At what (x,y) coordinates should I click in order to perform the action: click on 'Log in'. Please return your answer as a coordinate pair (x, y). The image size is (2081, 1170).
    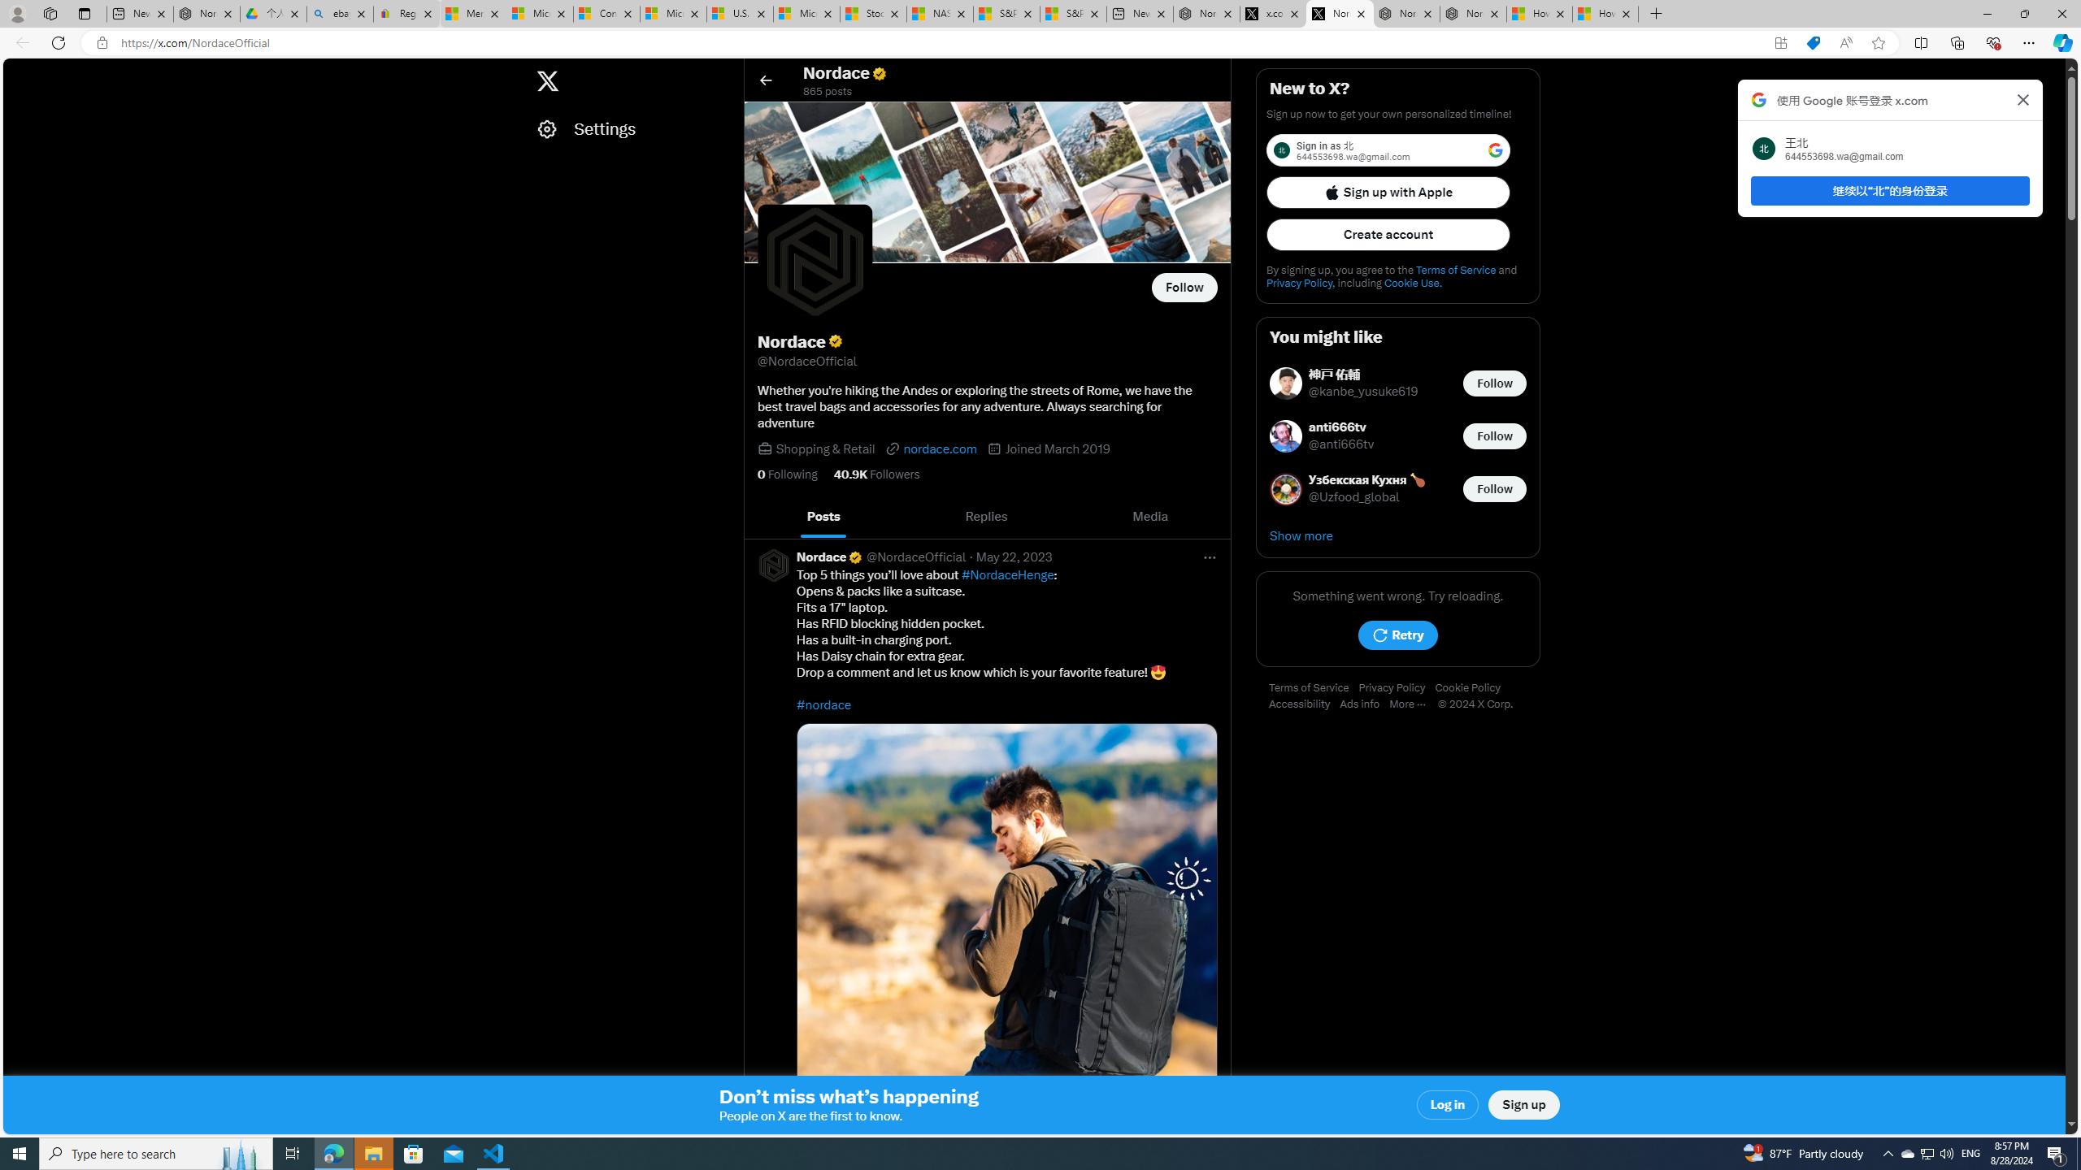
    Looking at the image, I should click on (1448, 1104).